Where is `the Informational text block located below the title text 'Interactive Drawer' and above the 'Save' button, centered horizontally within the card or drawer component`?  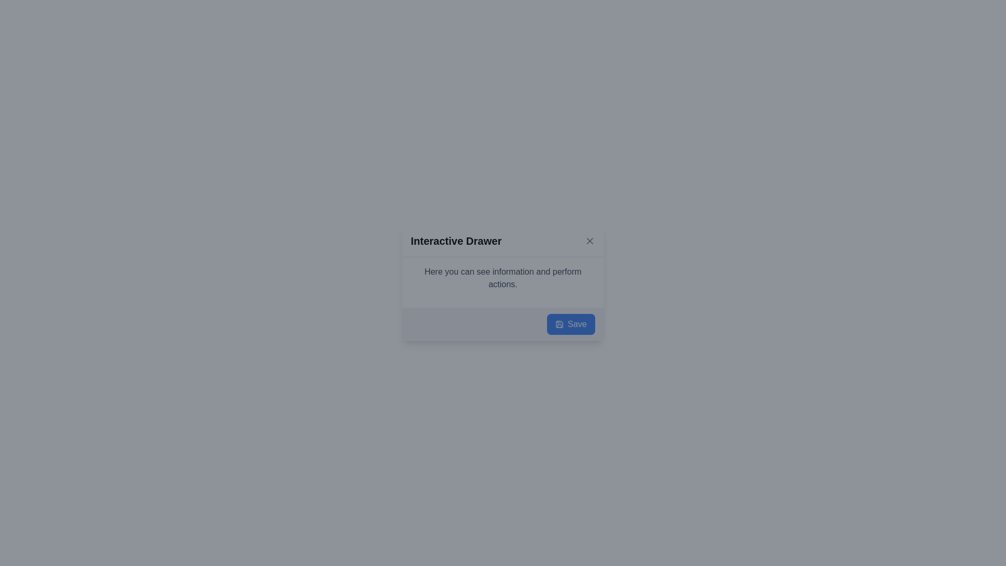
the Informational text block located below the title text 'Interactive Drawer' and above the 'Save' button, centered horizontally within the card or drawer component is located at coordinates (503, 281).